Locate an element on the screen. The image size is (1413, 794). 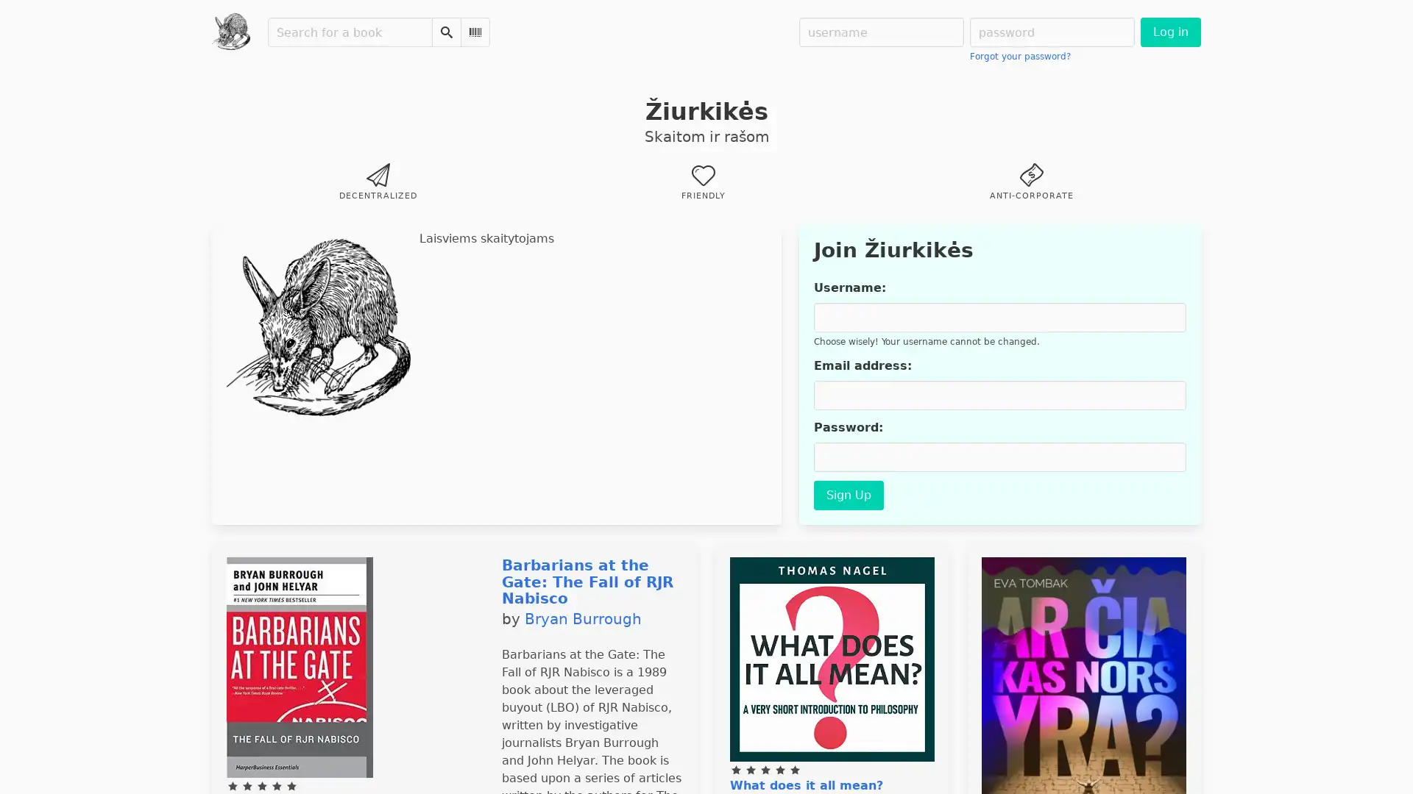
Log in is located at coordinates (1169, 32).